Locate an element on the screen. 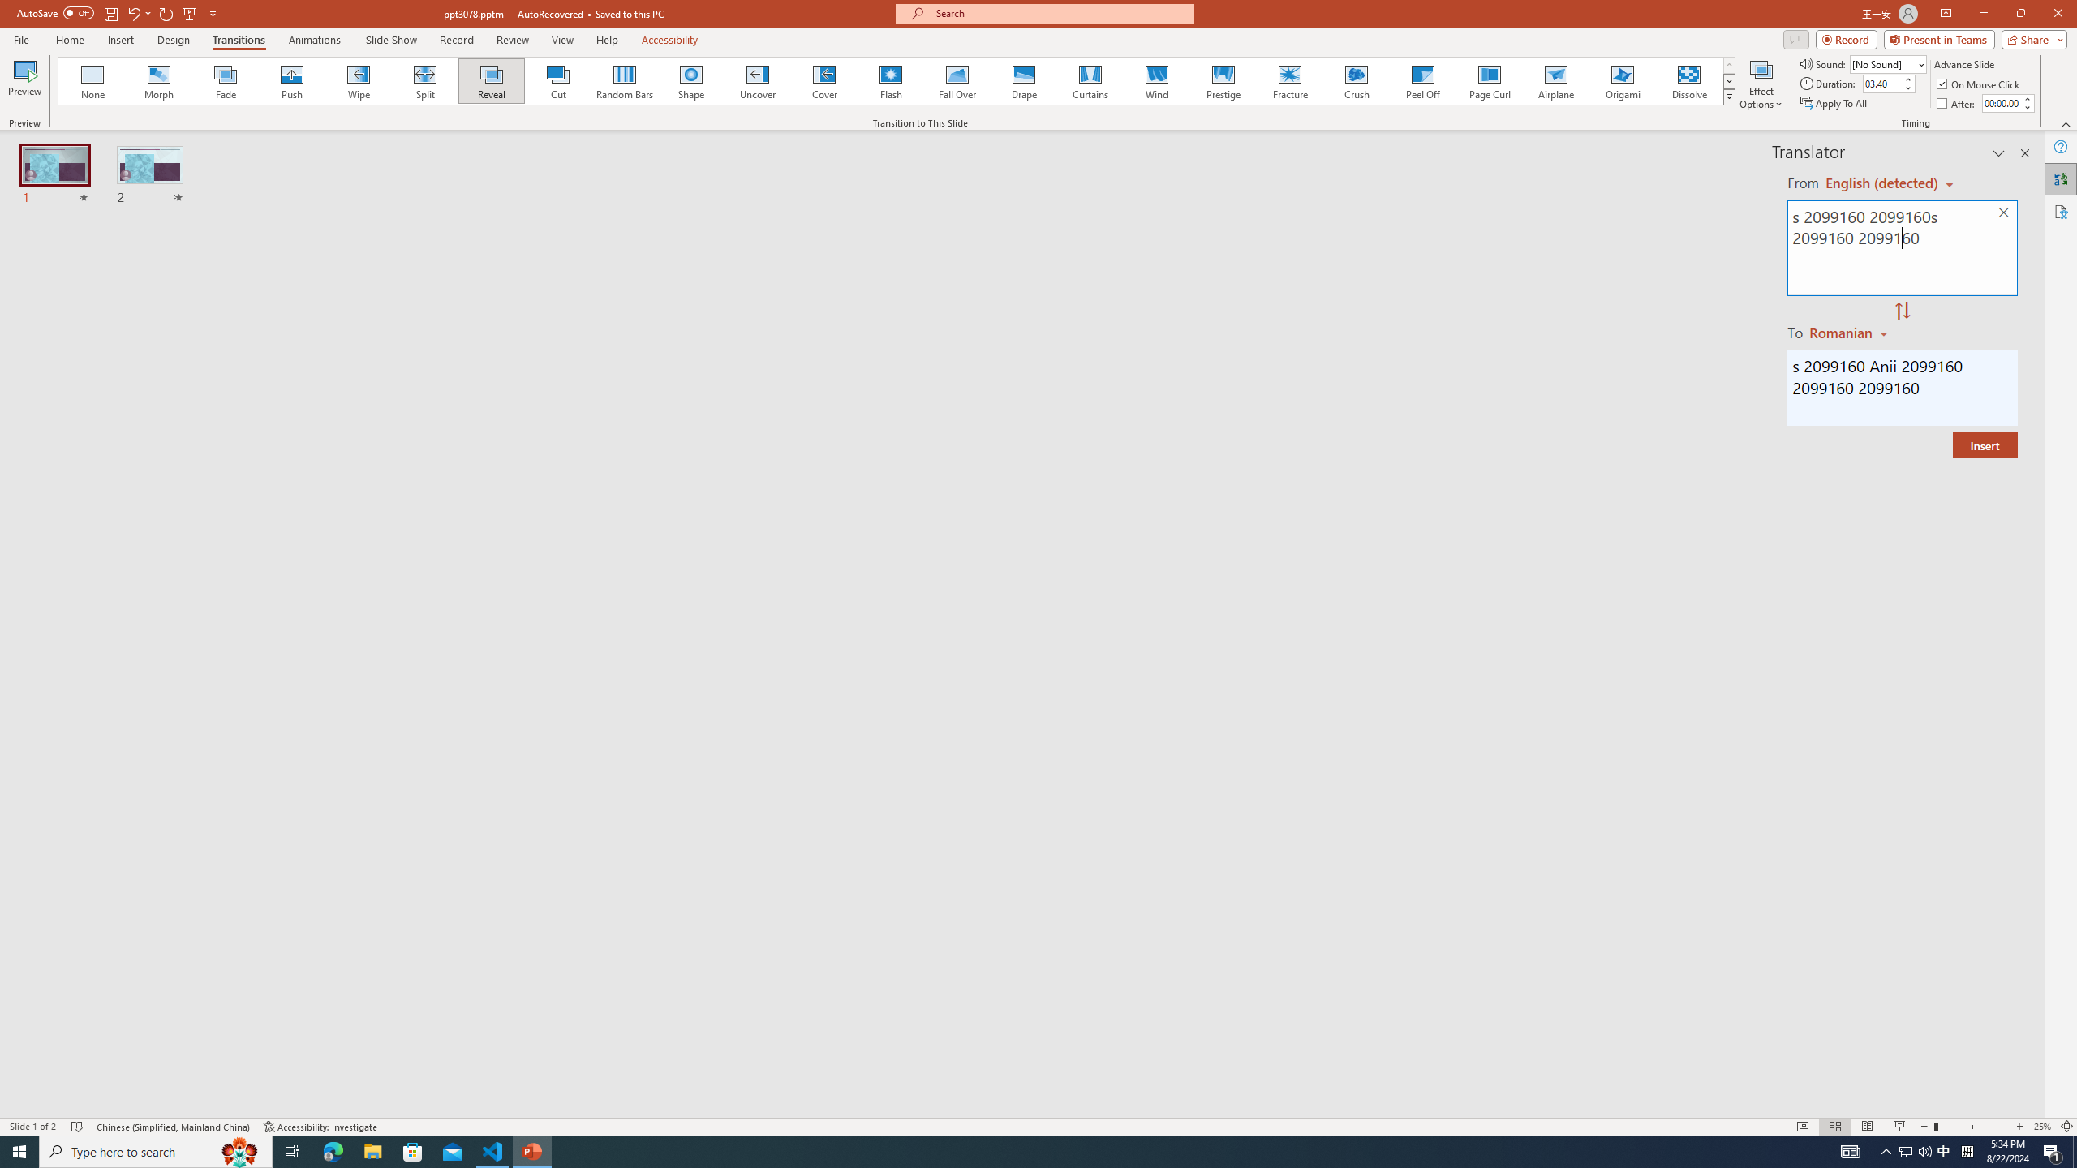 Image resolution: width=2077 pixels, height=1168 pixels. 'Split' is located at coordinates (424, 80).